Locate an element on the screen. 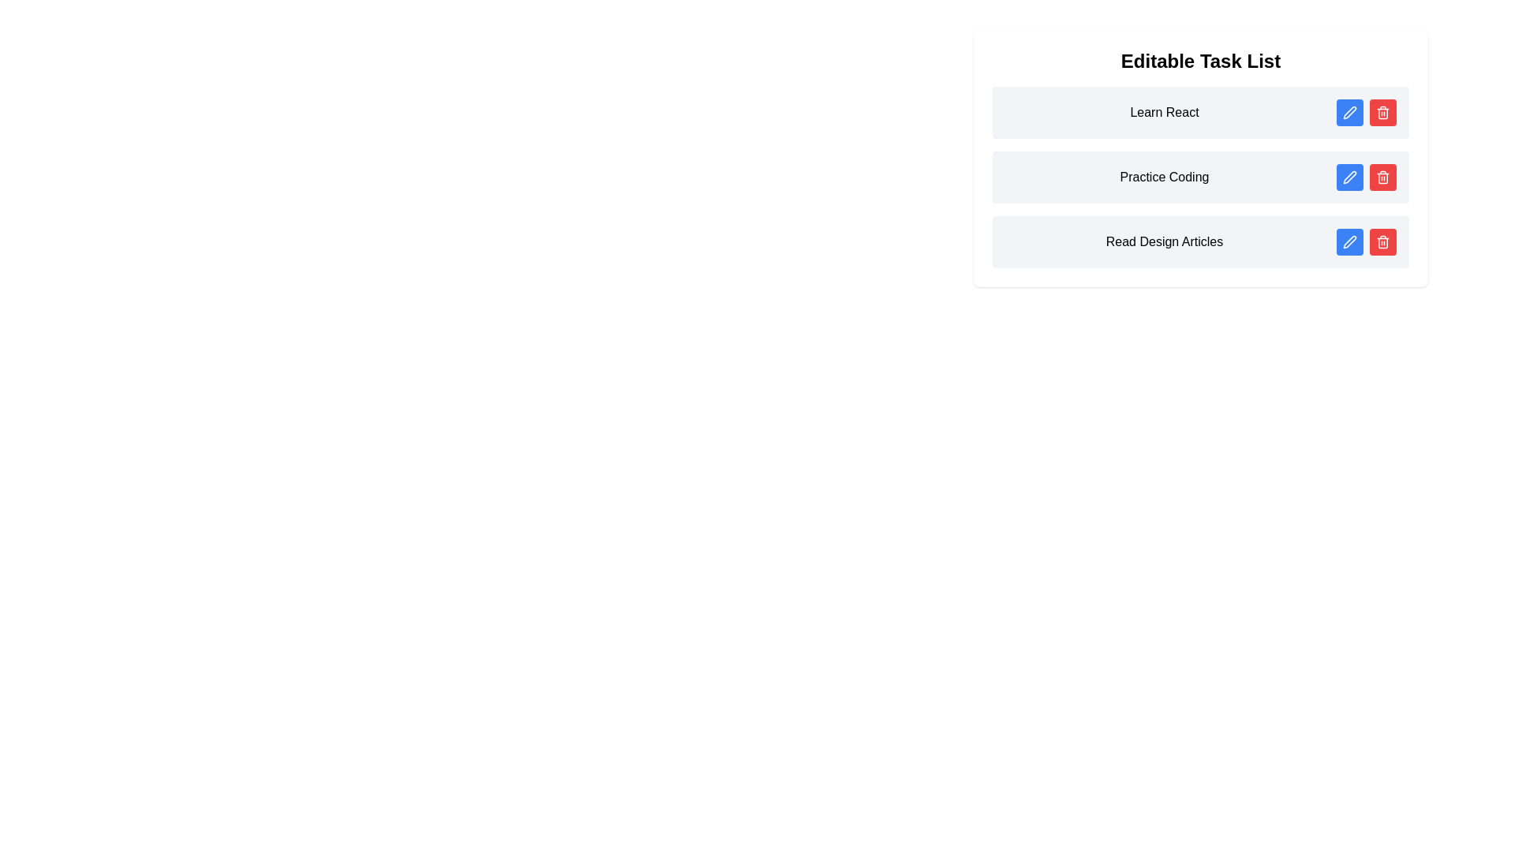 This screenshot has width=1515, height=852. the red trash icon button located on the right side of the task row is located at coordinates (1382, 242).